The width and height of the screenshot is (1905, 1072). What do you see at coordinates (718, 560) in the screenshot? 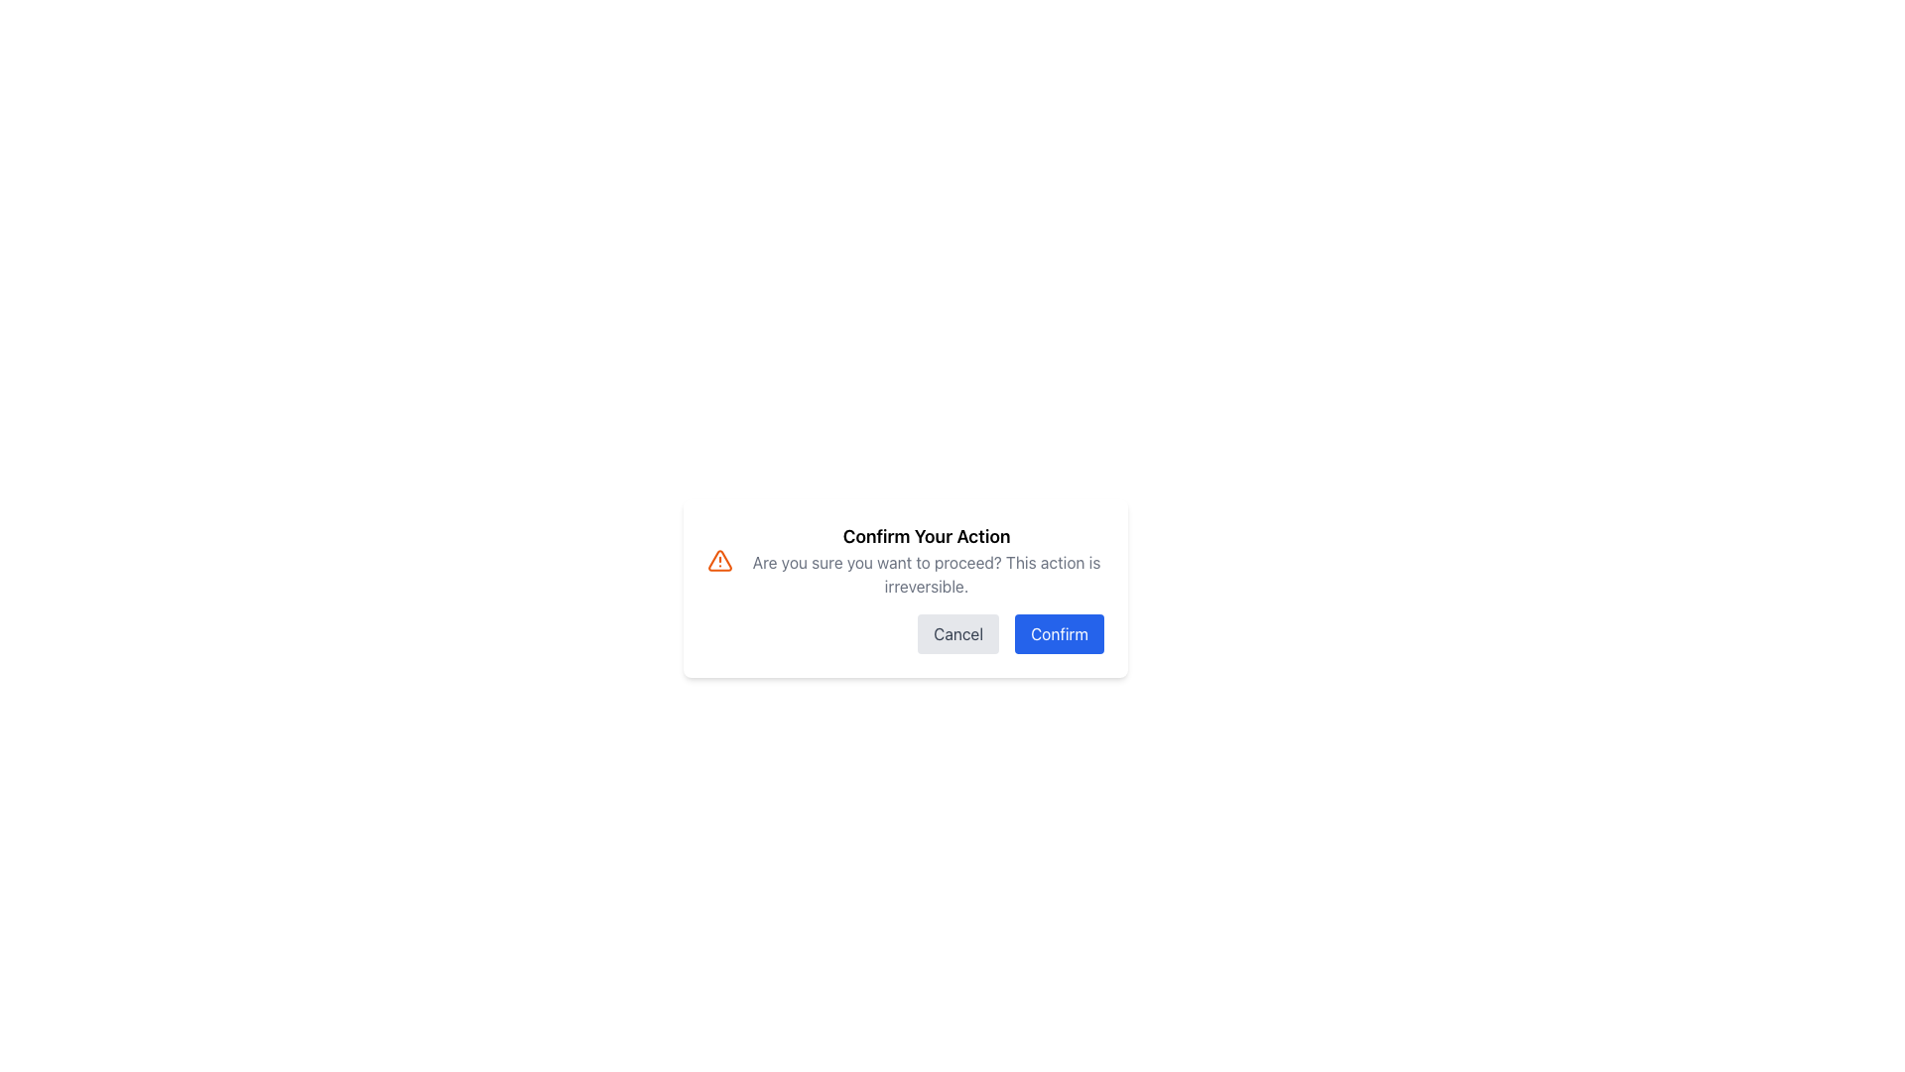
I see `the orange warning triangle icon featuring a central exclamation mark, positioned centrally on the warning dialog box above the confirm and cancel buttons` at bounding box center [718, 560].